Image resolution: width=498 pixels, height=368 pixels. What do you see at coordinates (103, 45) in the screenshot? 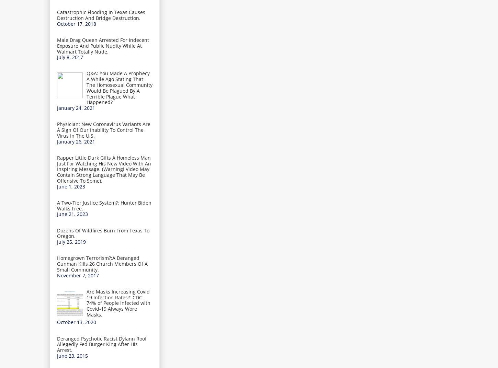
I see `'Male Drag Queen Arrested For Indecent Exposure And Public Nudity While At Walmart Totally Nude.'` at bounding box center [103, 45].